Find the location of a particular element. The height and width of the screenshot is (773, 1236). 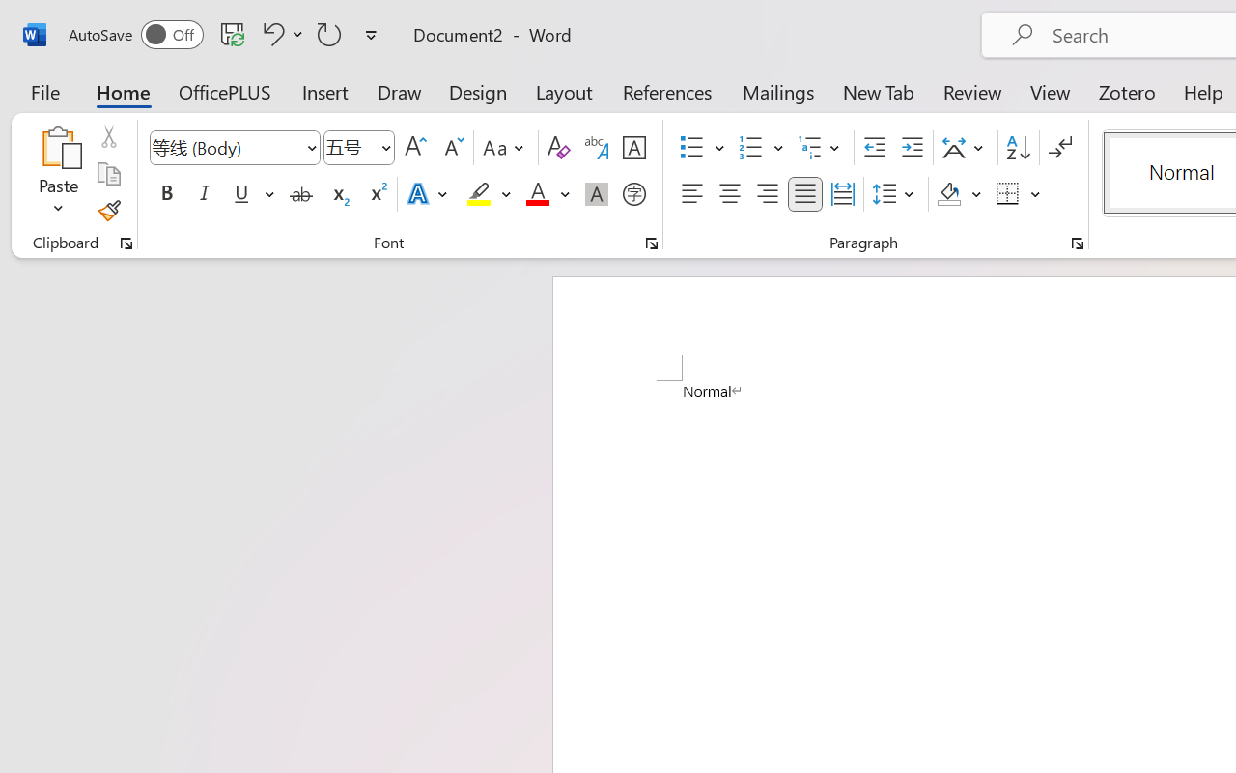

'Borders' is located at coordinates (1007, 194).